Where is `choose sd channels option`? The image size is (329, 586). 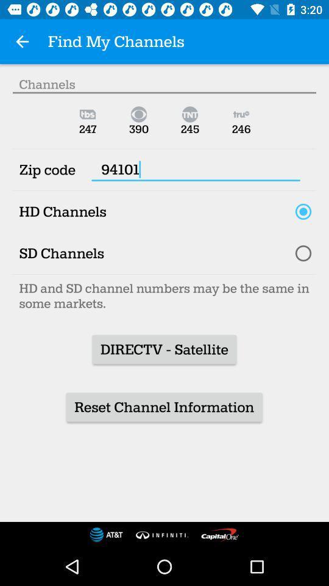
choose sd channels option is located at coordinates (302, 253).